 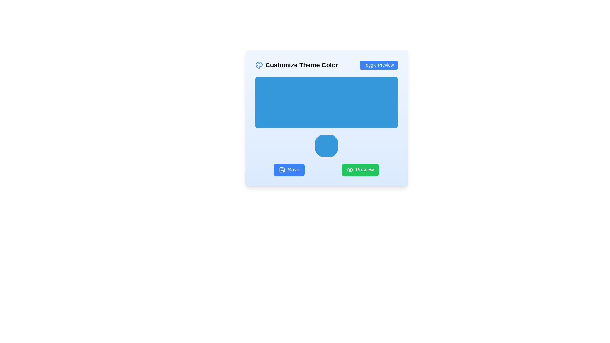 What do you see at coordinates (349, 170) in the screenshot?
I see `the 'Preview' button, which contains an eye icon indicating a preview function, located in the lower right section of the interface` at bounding box center [349, 170].